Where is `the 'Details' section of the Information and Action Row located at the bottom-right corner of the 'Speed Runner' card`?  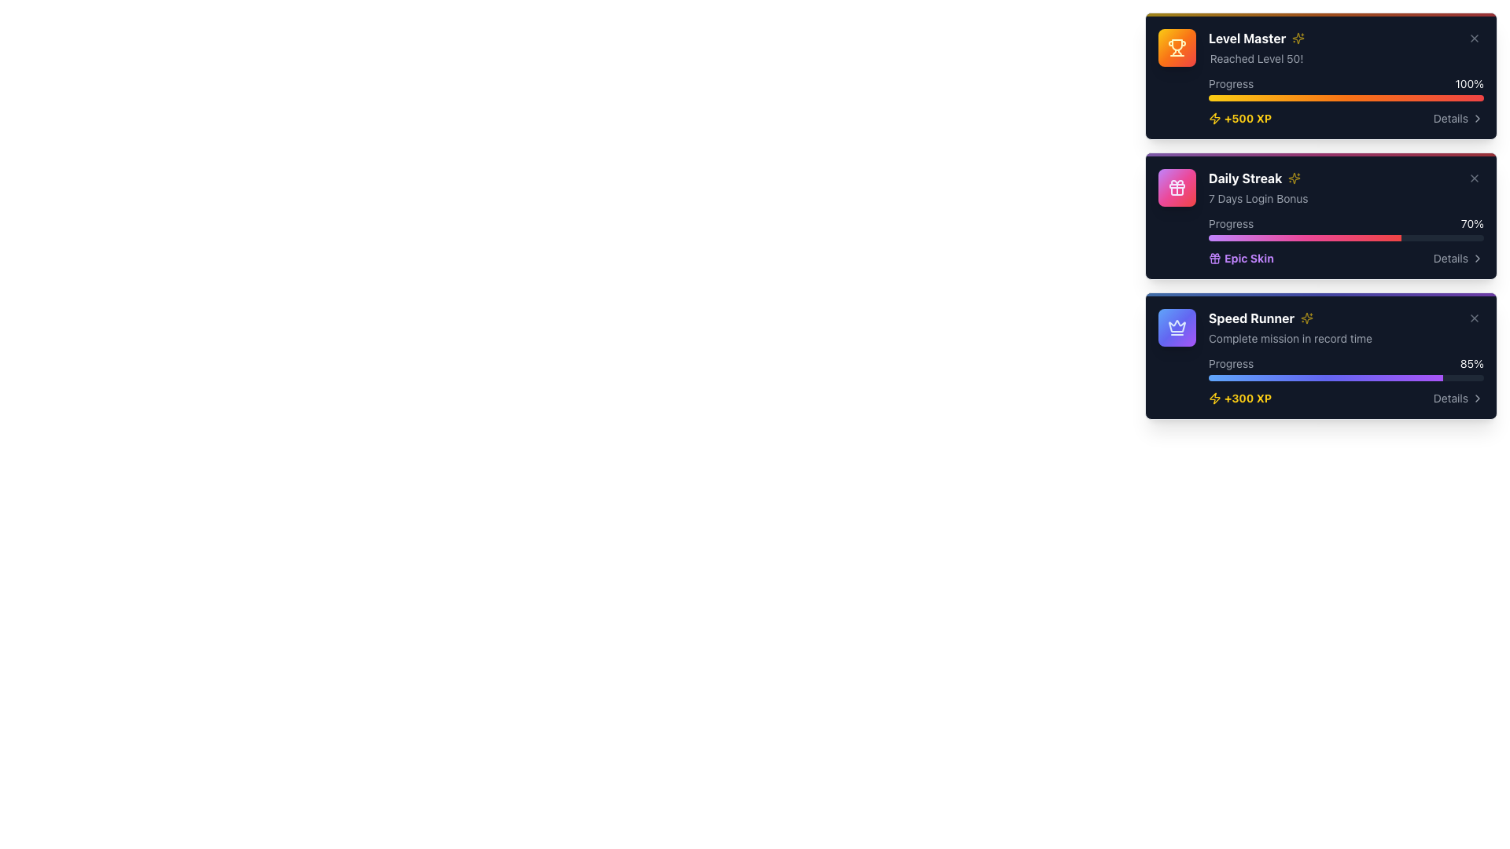 the 'Details' section of the Information and Action Row located at the bottom-right corner of the 'Speed Runner' card is located at coordinates (1346, 397).